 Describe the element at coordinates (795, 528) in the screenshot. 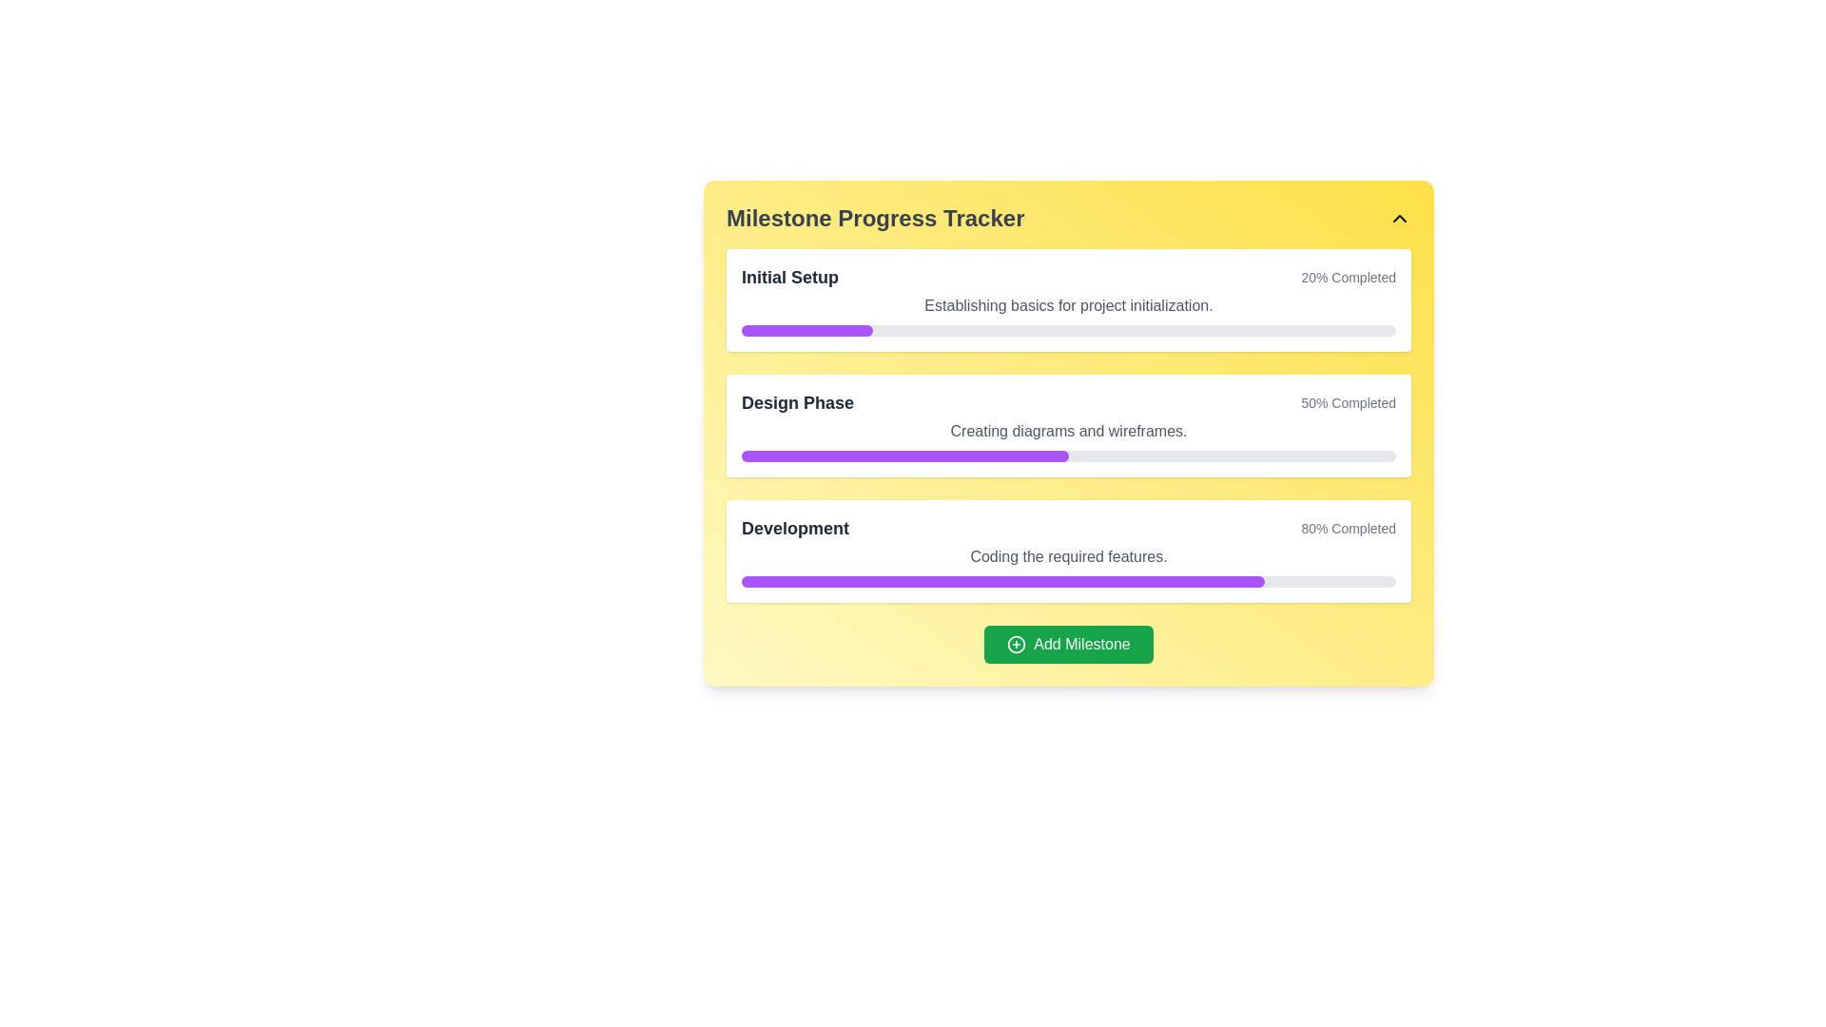

I see `bold text label displaying 'Development' which is prominently positioned at the beginning of its section in the progress tracker interface` at that location.